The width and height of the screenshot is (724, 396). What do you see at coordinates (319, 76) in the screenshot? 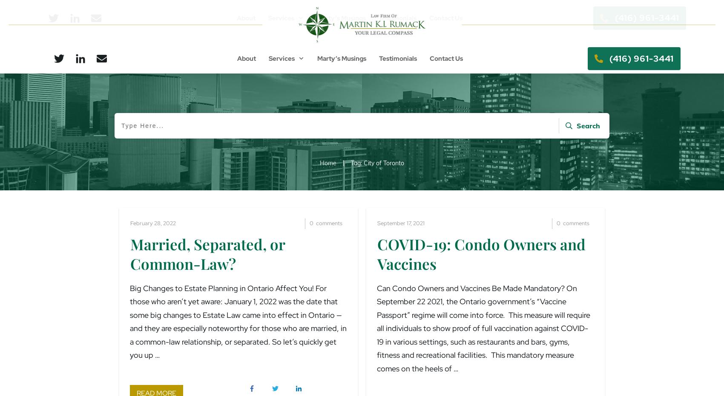
I see `'Real Estate Lawyer'` at bounding box center [319, 76].